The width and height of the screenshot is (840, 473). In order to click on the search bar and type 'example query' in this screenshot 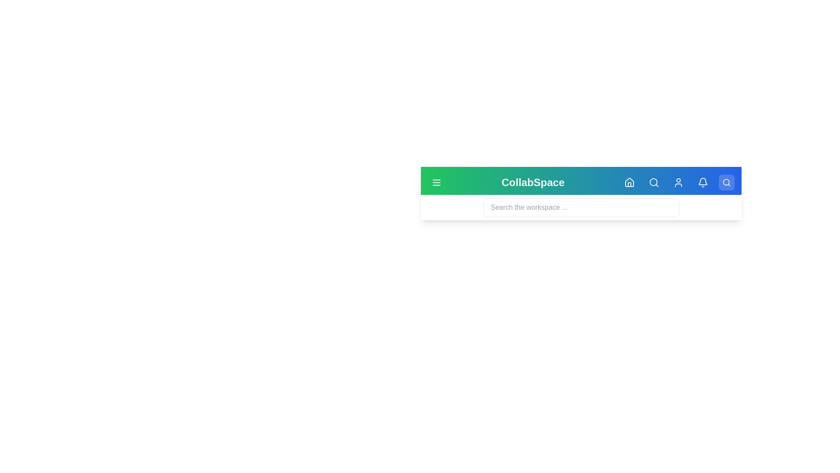, I will do `click(581, 208)`.